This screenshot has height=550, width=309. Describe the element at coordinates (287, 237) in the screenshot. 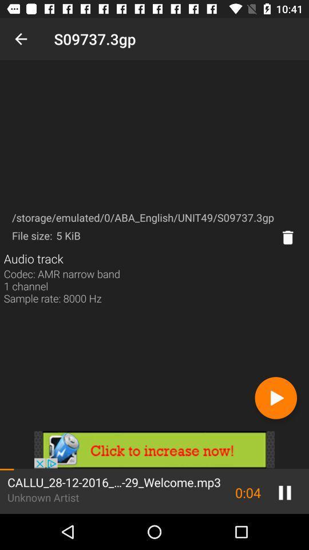

I see `delete` at that location.